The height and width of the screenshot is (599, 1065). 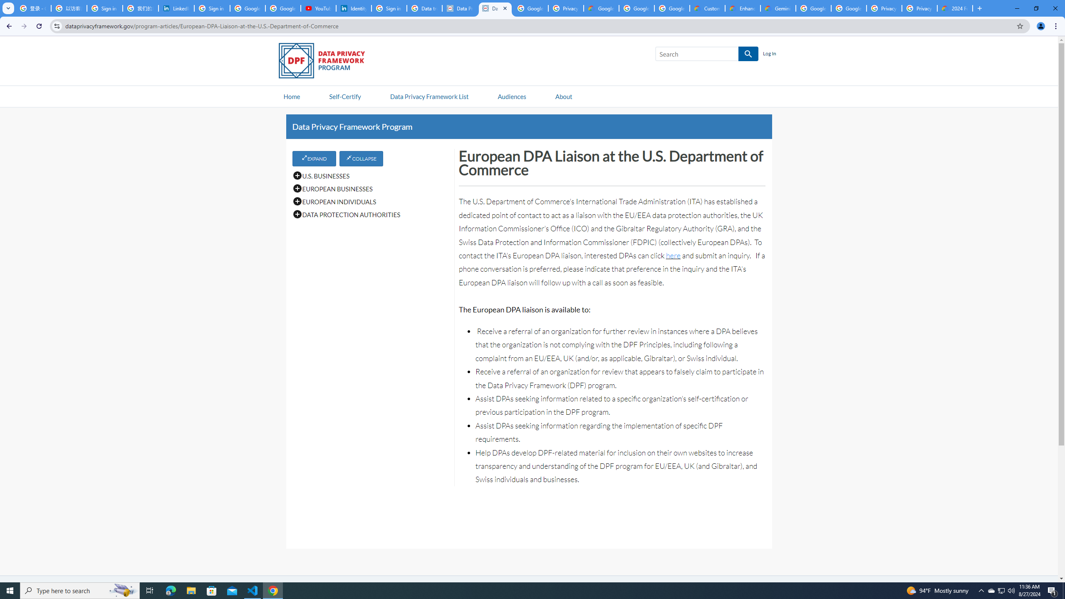 I want to click on 'AutomationID: navitem', so click(x=512, y=96).